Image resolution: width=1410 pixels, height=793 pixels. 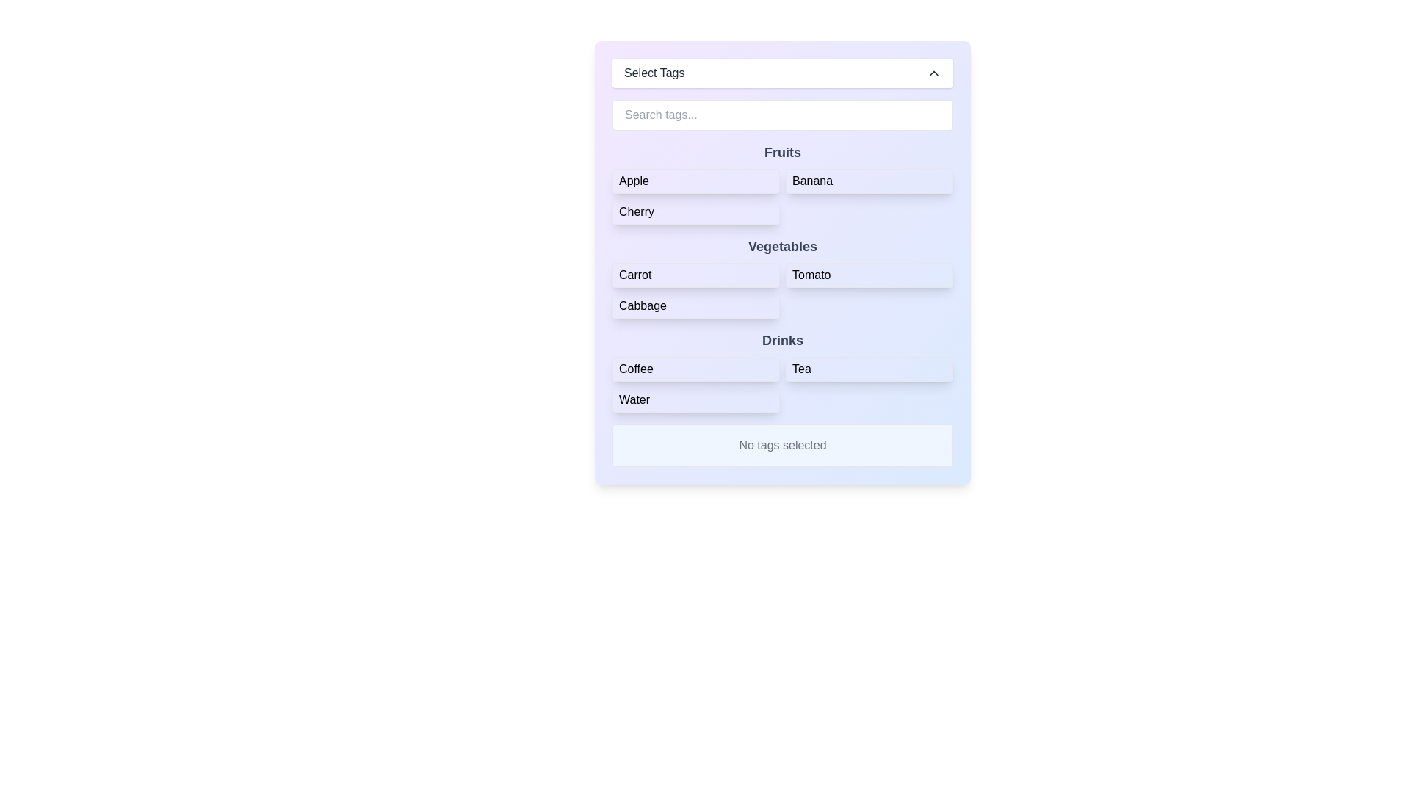 What do you see at coordinates (800, 368) in the screenshot?
I see `the 'Tea' label` at bounding box center [800, 368].